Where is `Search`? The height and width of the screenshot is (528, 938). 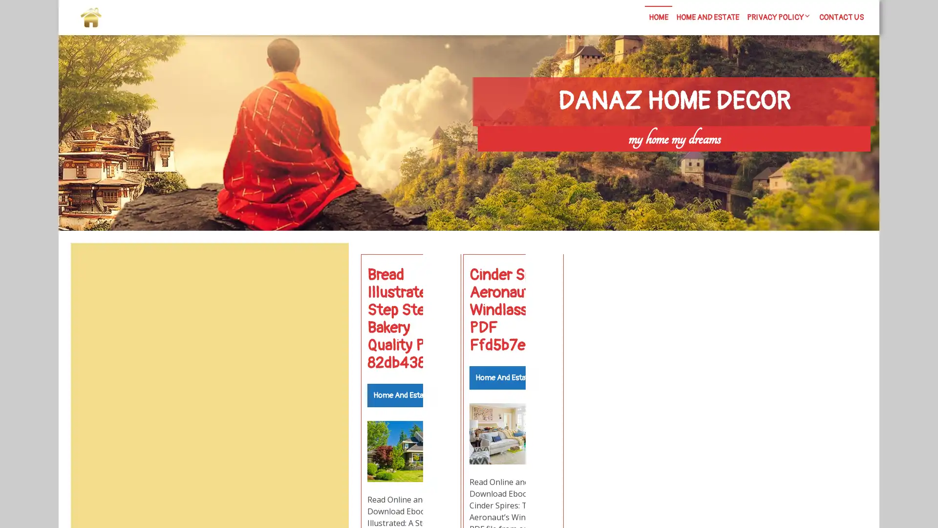 Search is located at coordinates (761, 160).